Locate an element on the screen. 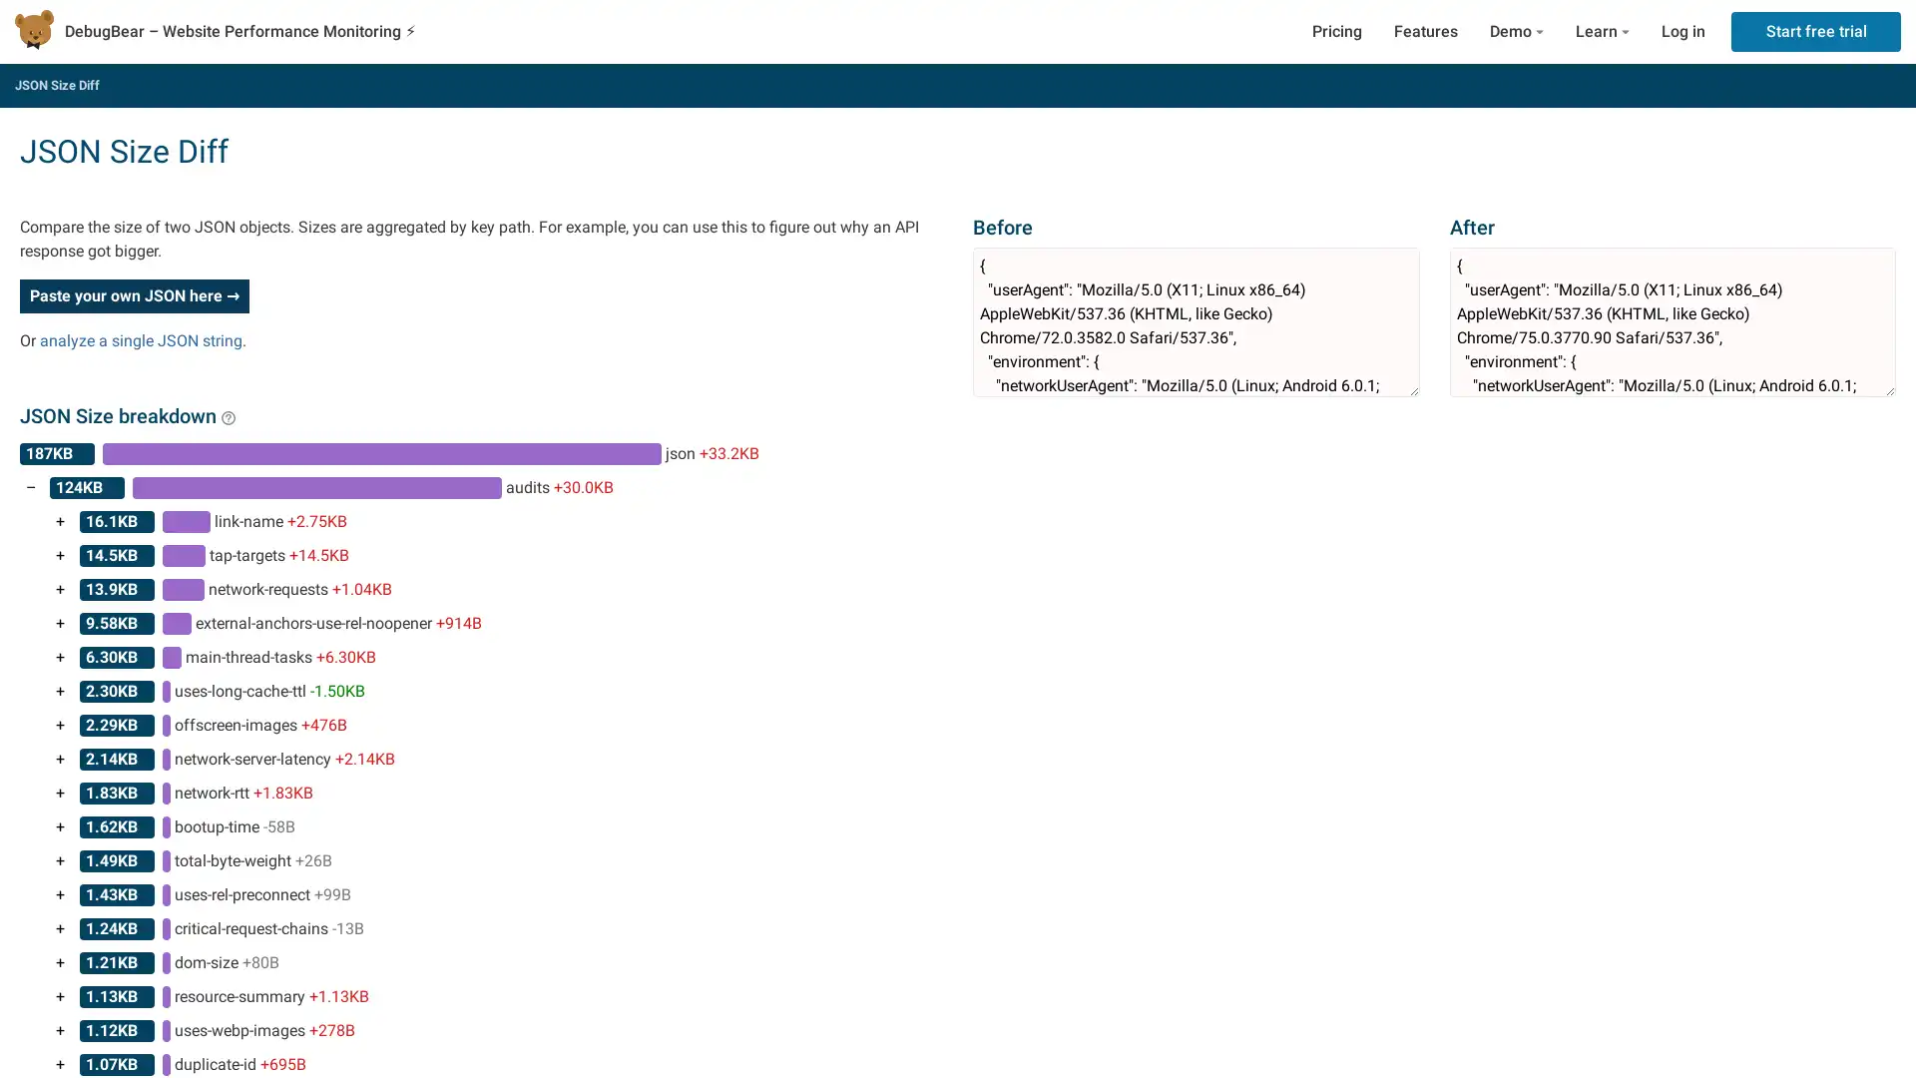 Image resolution: width=1916 pixels, height=1078 pixels. + is located at coordinates (60, 928).